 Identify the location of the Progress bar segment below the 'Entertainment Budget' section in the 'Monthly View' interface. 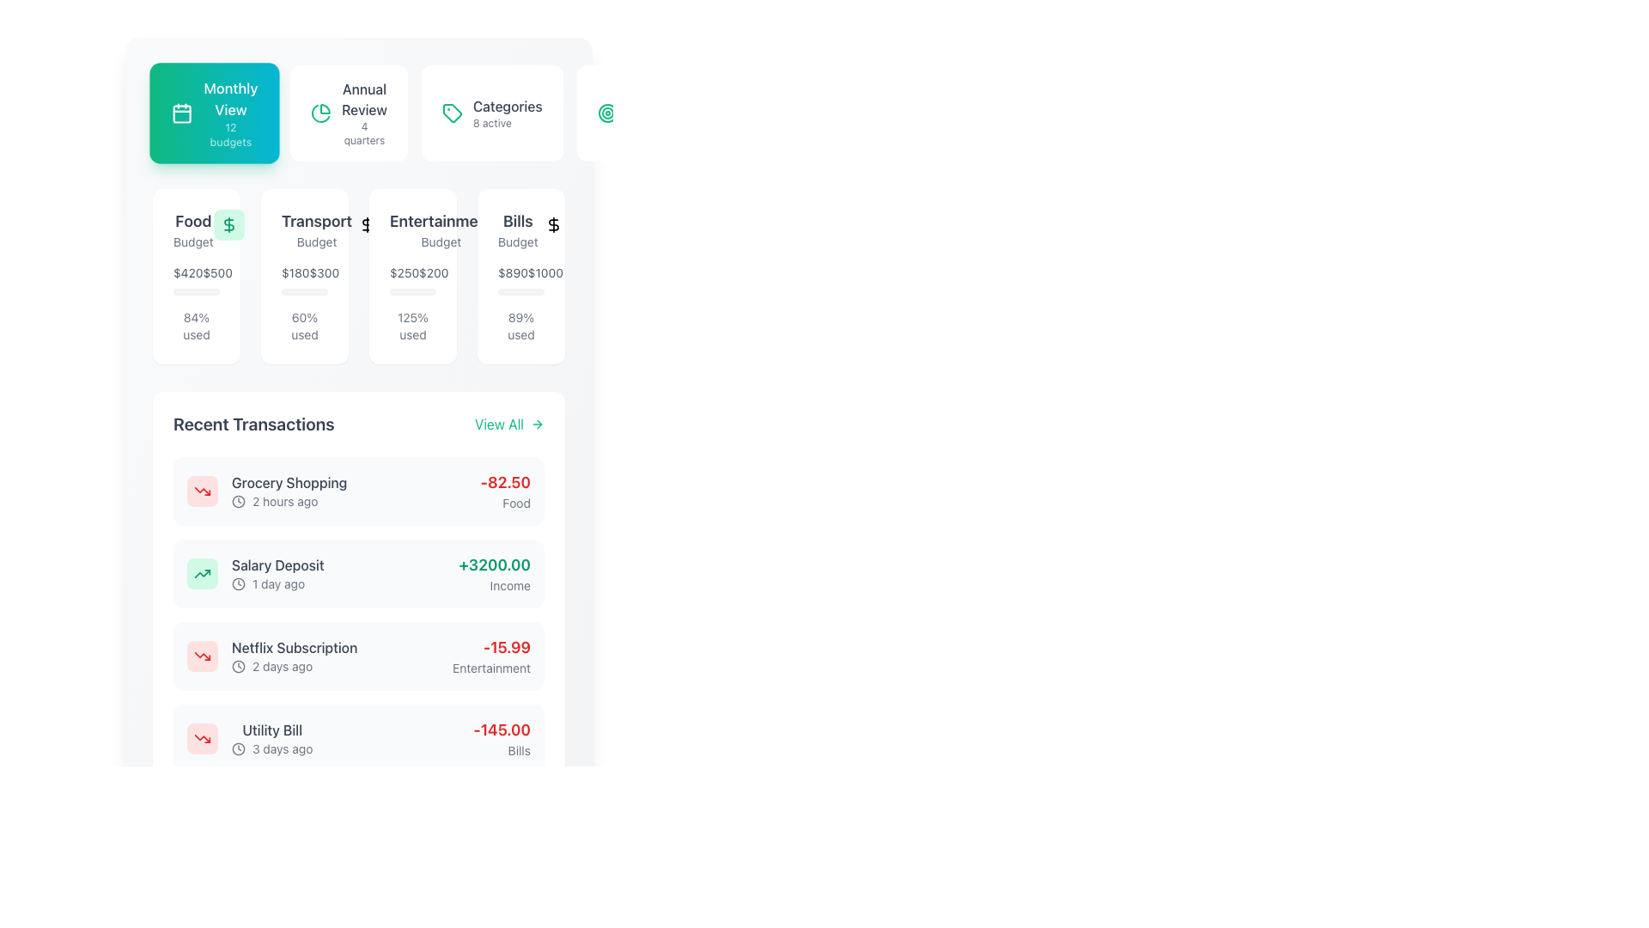
(418, 290).